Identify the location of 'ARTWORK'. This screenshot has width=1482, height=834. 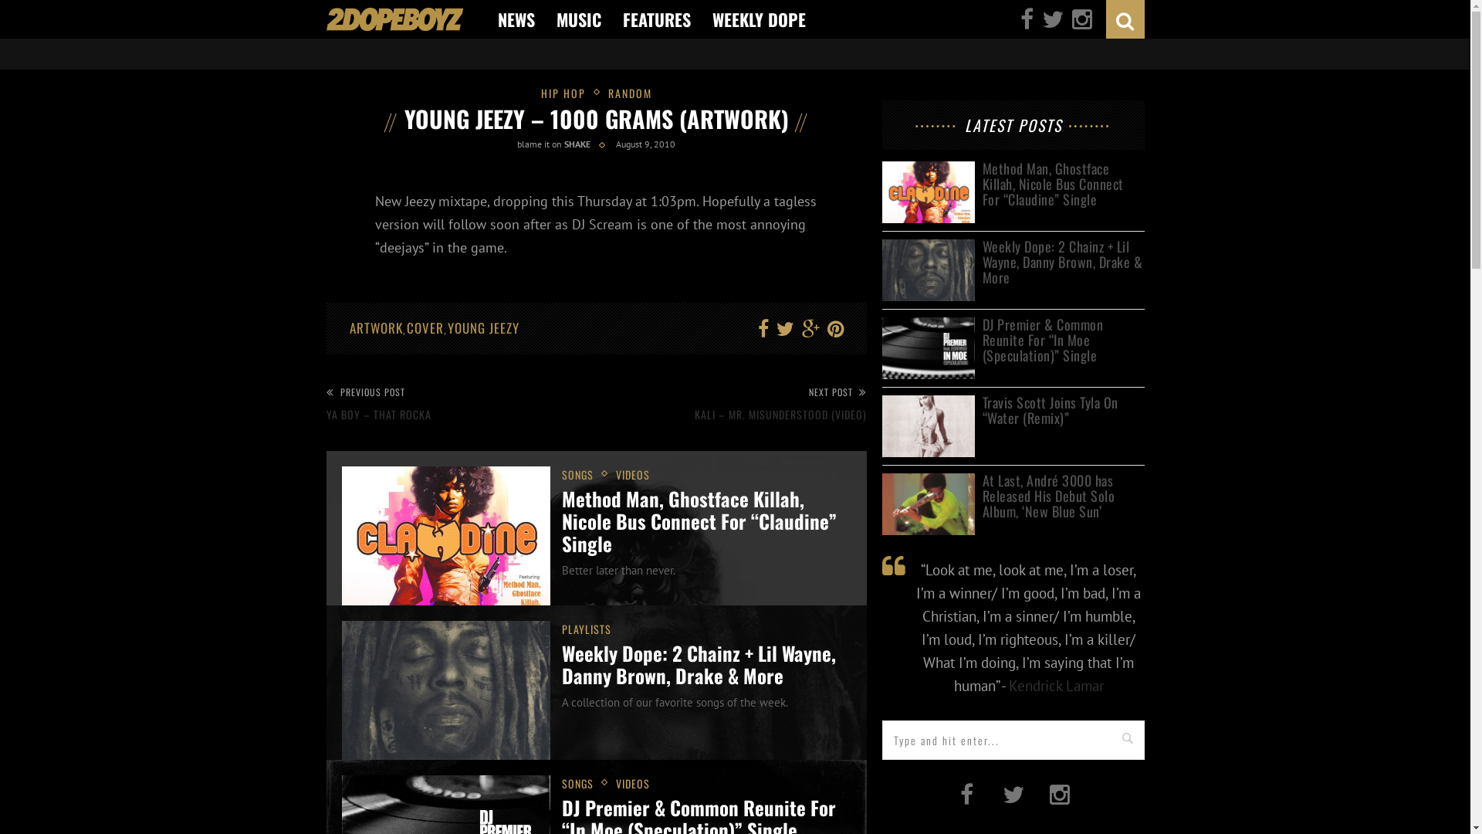
(375, 327).